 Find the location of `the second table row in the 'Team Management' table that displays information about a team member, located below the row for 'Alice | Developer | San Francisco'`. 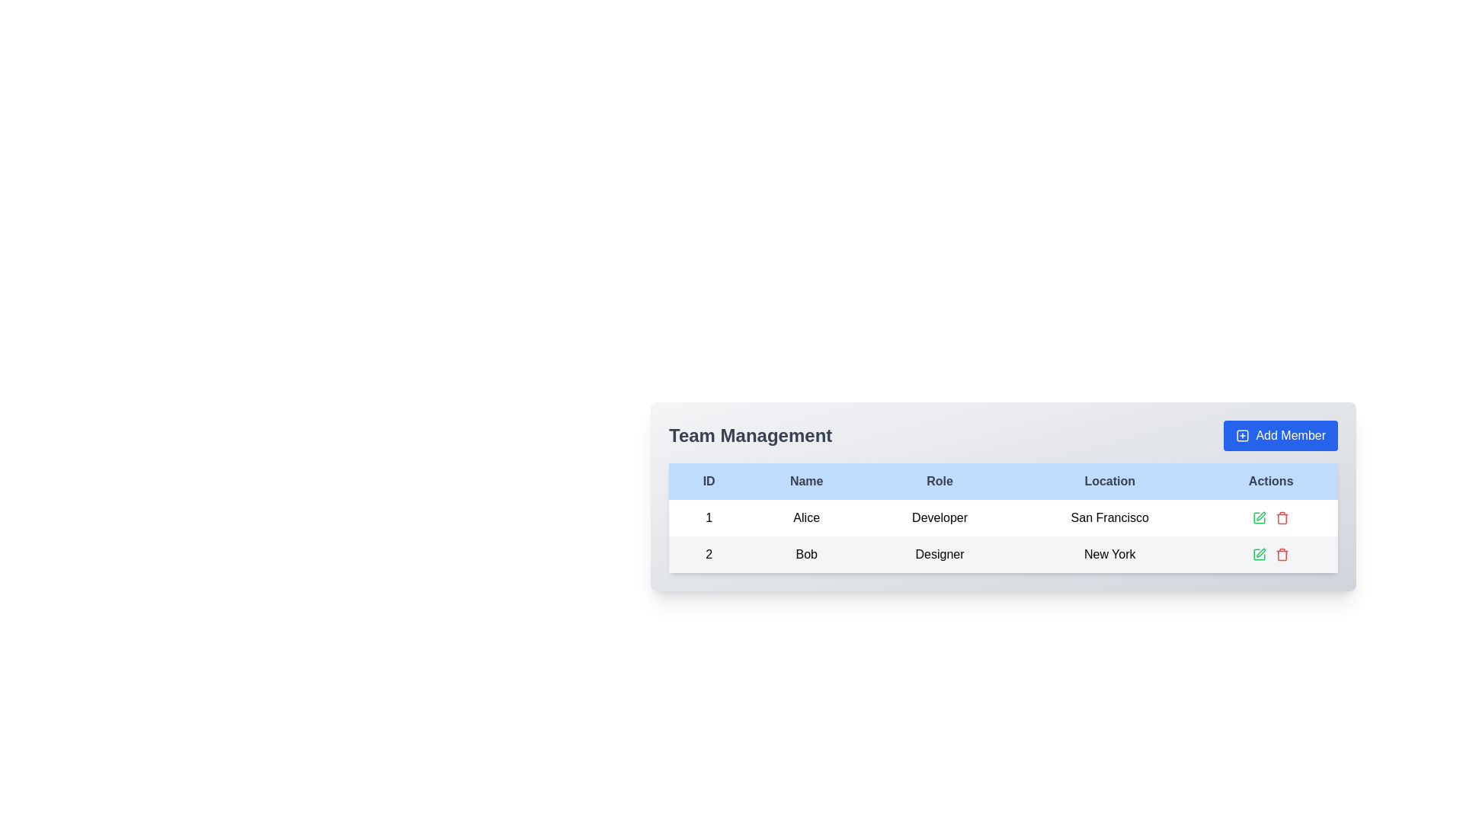

the second table row in the 'Team Management' table that displays information about a team member, located below the row for 'Alice | Developer | San Francisco' is located at coordinates (1003, 555).